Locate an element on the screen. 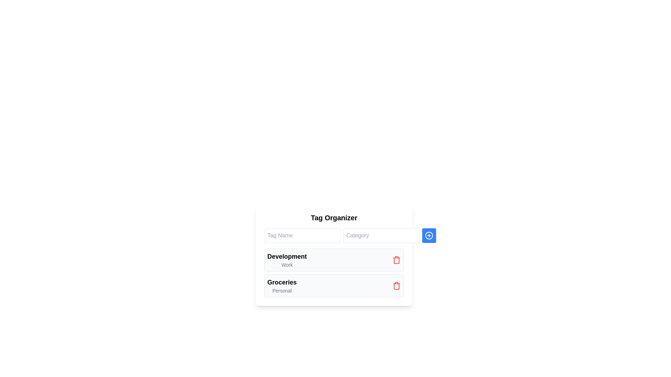  the delete button located at the far-right side of the 'Groceries' row in the 'Tag Organizer' section to initiate the deletion of the 'Groceries' entry is located at coordinates (396, 286).